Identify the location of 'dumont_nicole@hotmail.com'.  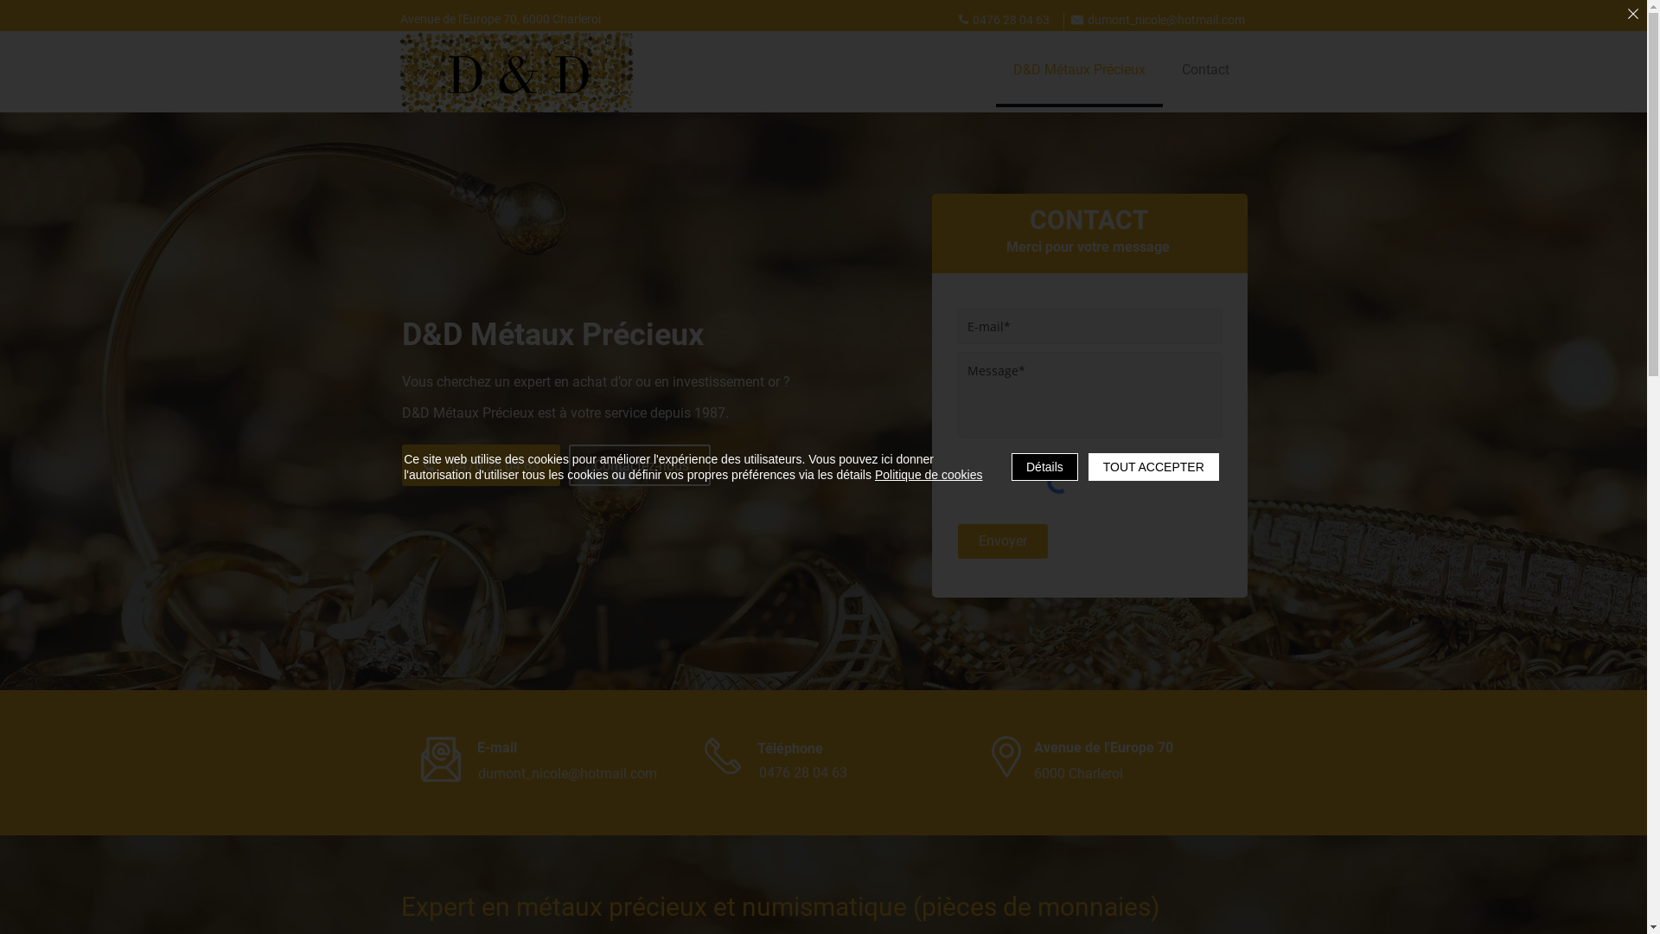
(1159, 19).